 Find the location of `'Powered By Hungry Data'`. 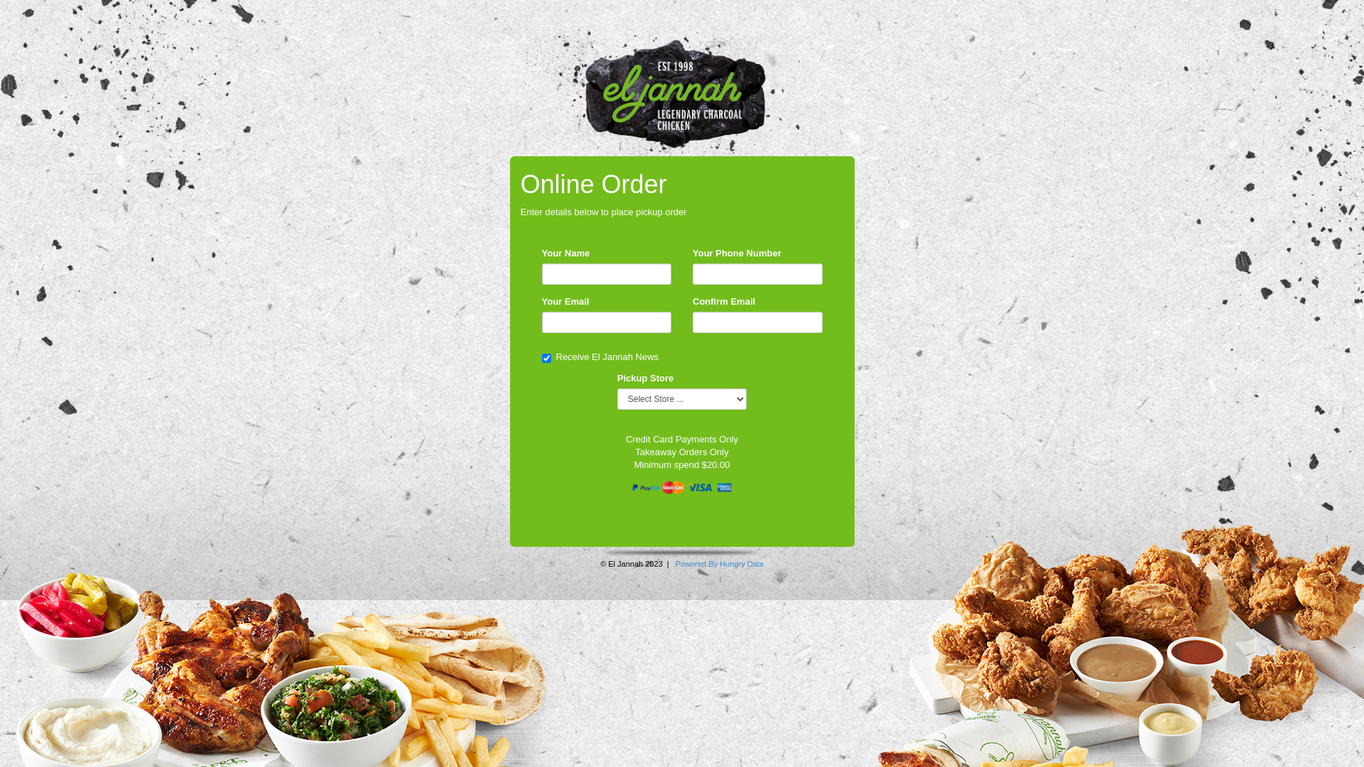

'Powered By Hungry Data' is located at coordinates (719, 563).